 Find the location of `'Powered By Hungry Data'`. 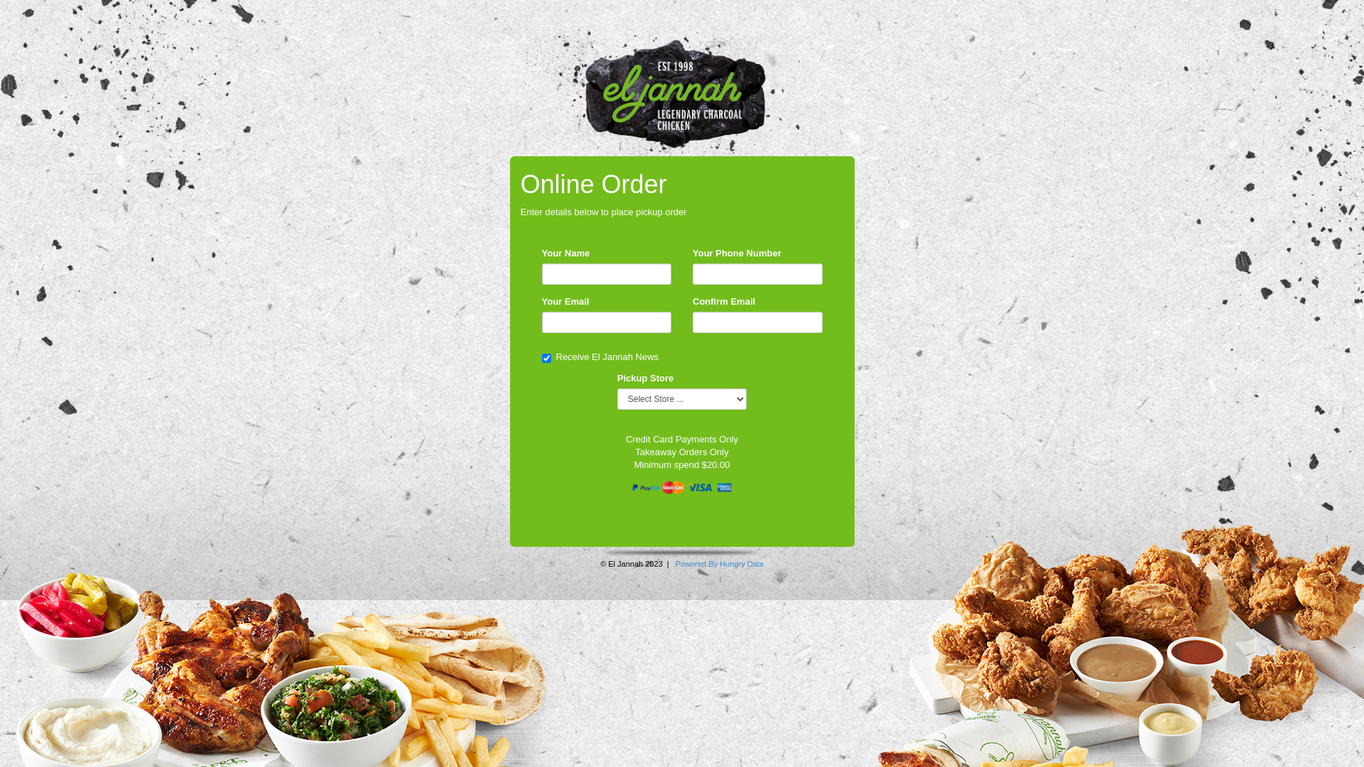

'Powered By Hungry Data' is located at coordinates (719, 563).